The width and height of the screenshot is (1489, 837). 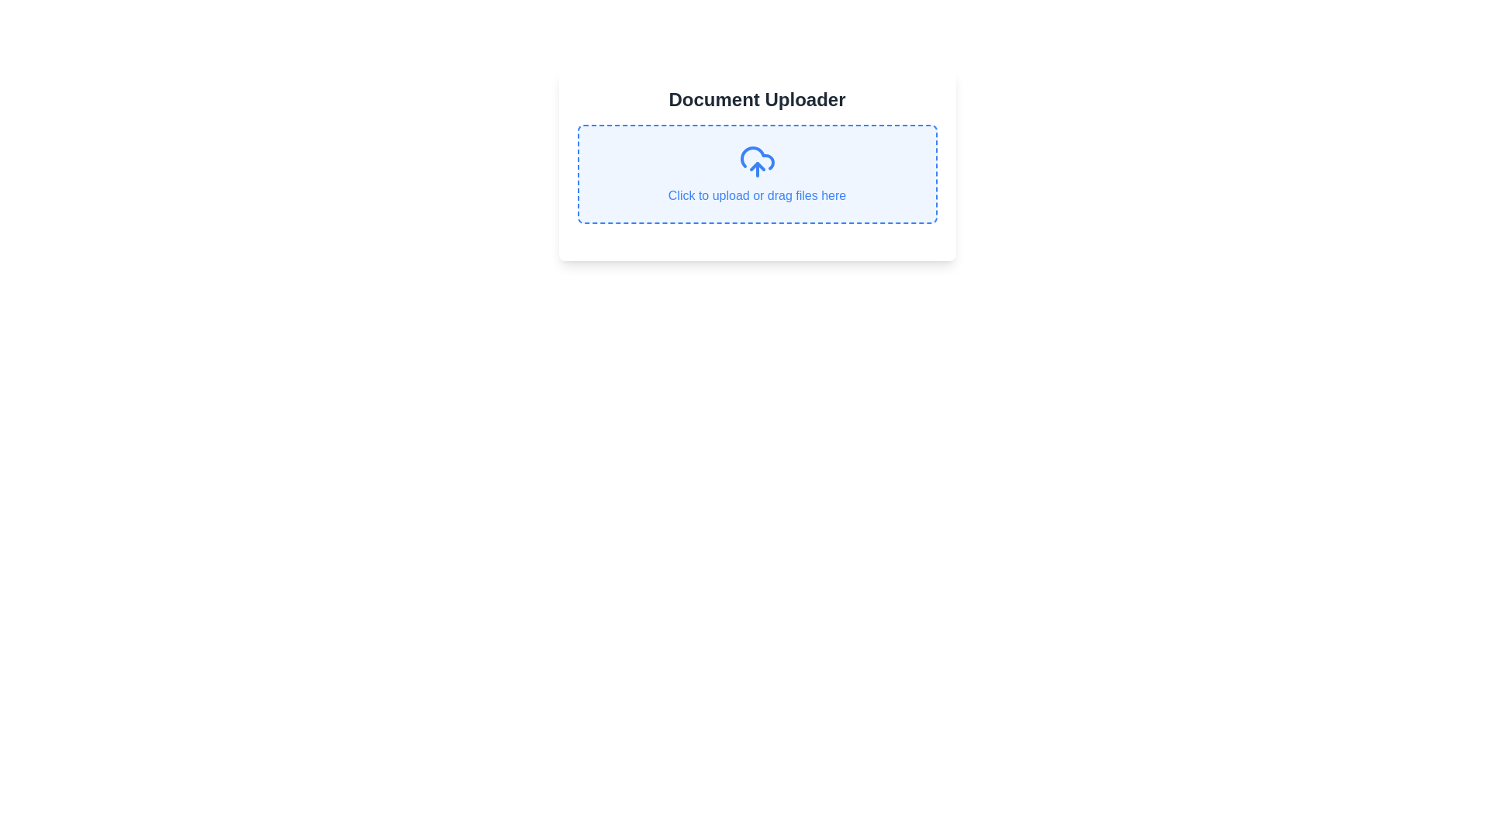 What do you see at coordinates (757, 174) in the screenshot?
I see `the Interactive file upload zone located below the 'Document Uploader' heading` at bounding box center [757, 174].